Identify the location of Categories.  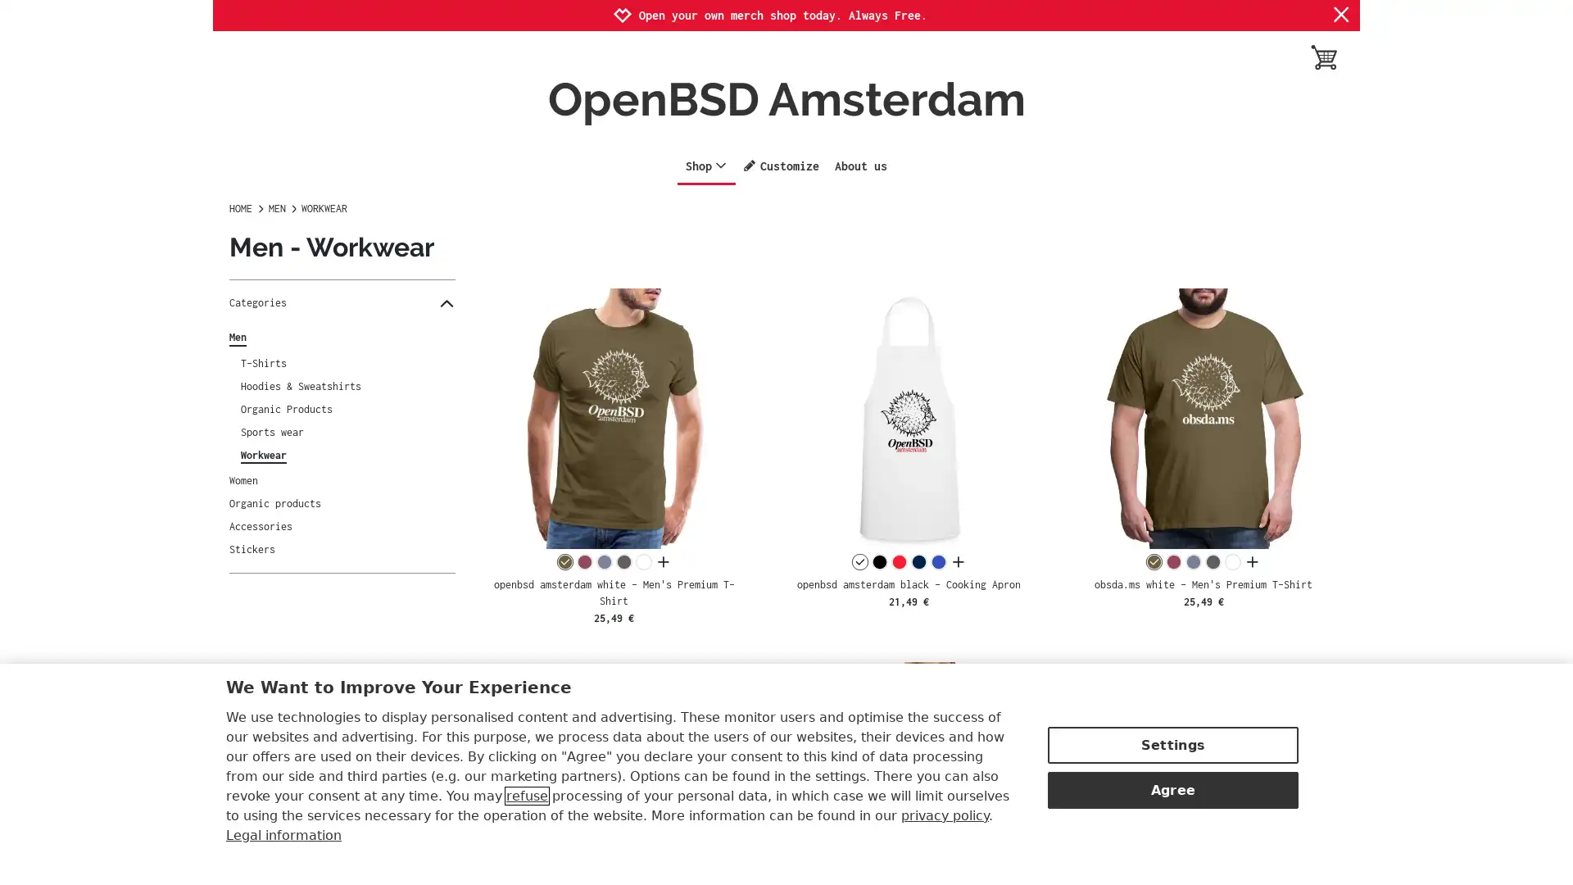
(341, 303).